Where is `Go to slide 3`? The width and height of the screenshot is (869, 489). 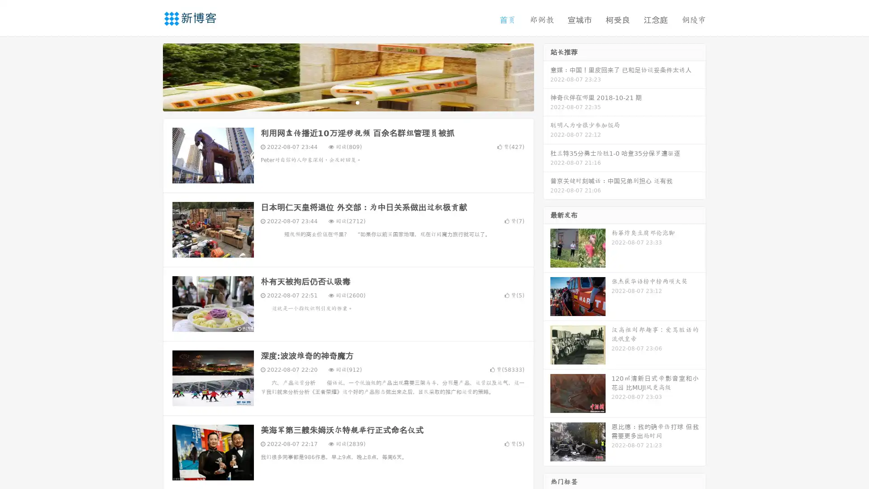
Go to slide 3 is located at coordinates (357, 102).